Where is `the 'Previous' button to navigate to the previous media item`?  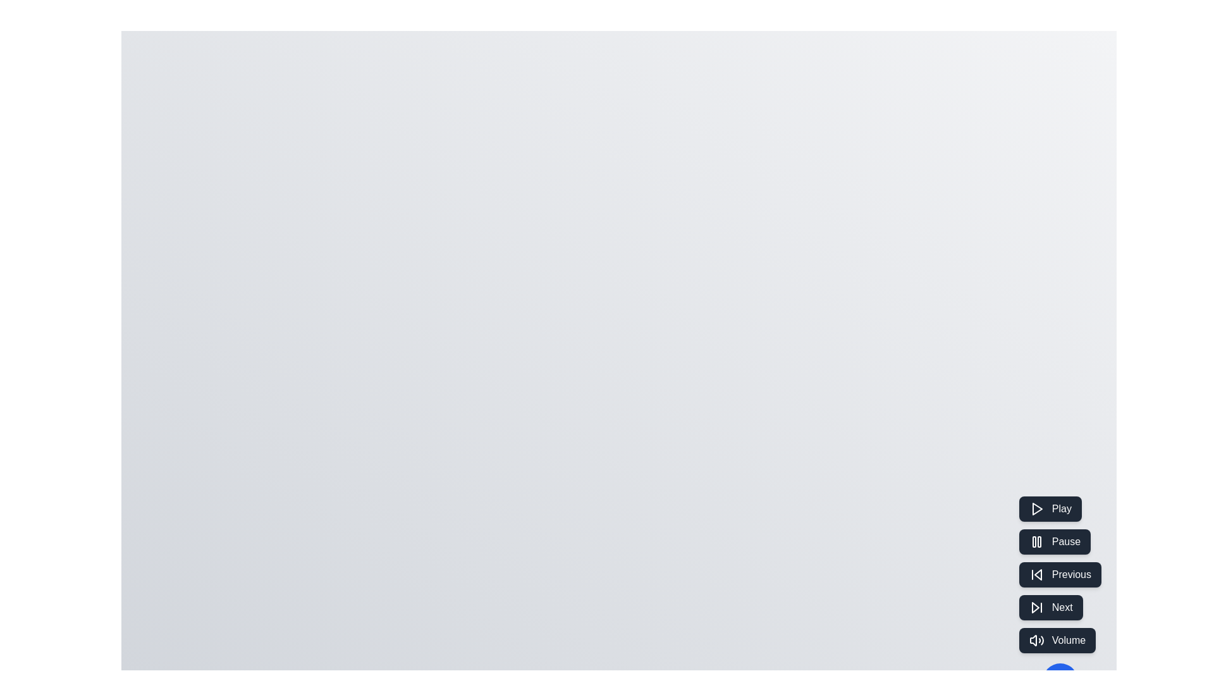
the 'Previous' button to navigate to the previous media item is located at coordinates (1060, 575).